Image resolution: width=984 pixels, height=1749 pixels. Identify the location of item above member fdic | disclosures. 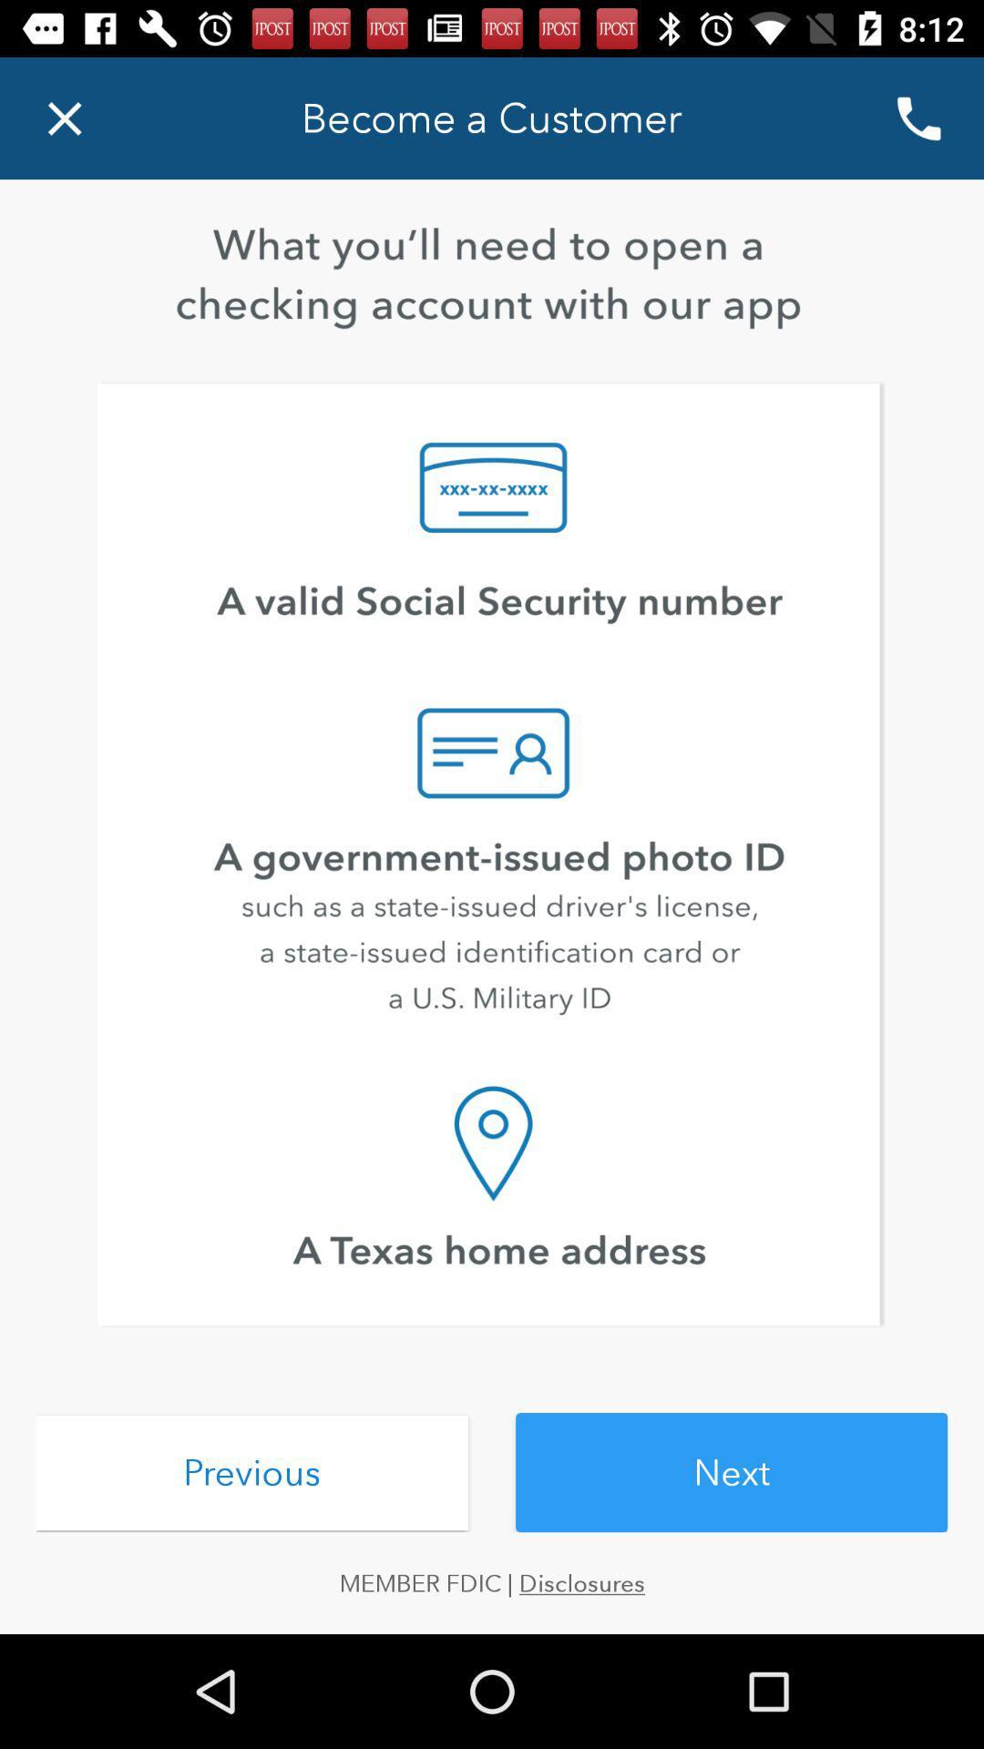
(731, 1472).